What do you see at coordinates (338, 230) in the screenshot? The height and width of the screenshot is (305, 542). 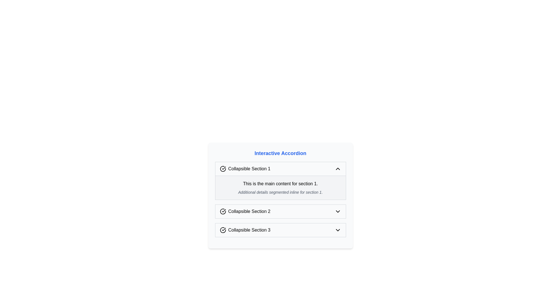 I see `the Interactive Icon (Chevron Down) located at the right side of the header bar in 'Collapsible Section 3' to toggle the visibility of its content` at bounding box center [338, 230].